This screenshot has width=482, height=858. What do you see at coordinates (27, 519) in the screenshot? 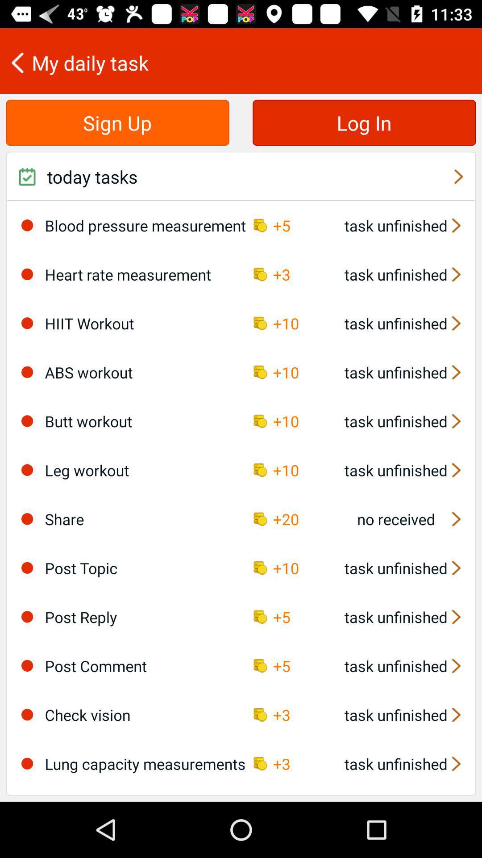
I see `share task` at bounding box center [27, 519].